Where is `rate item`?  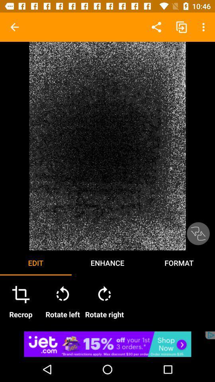
rate item is located at coordinates (197, 234).